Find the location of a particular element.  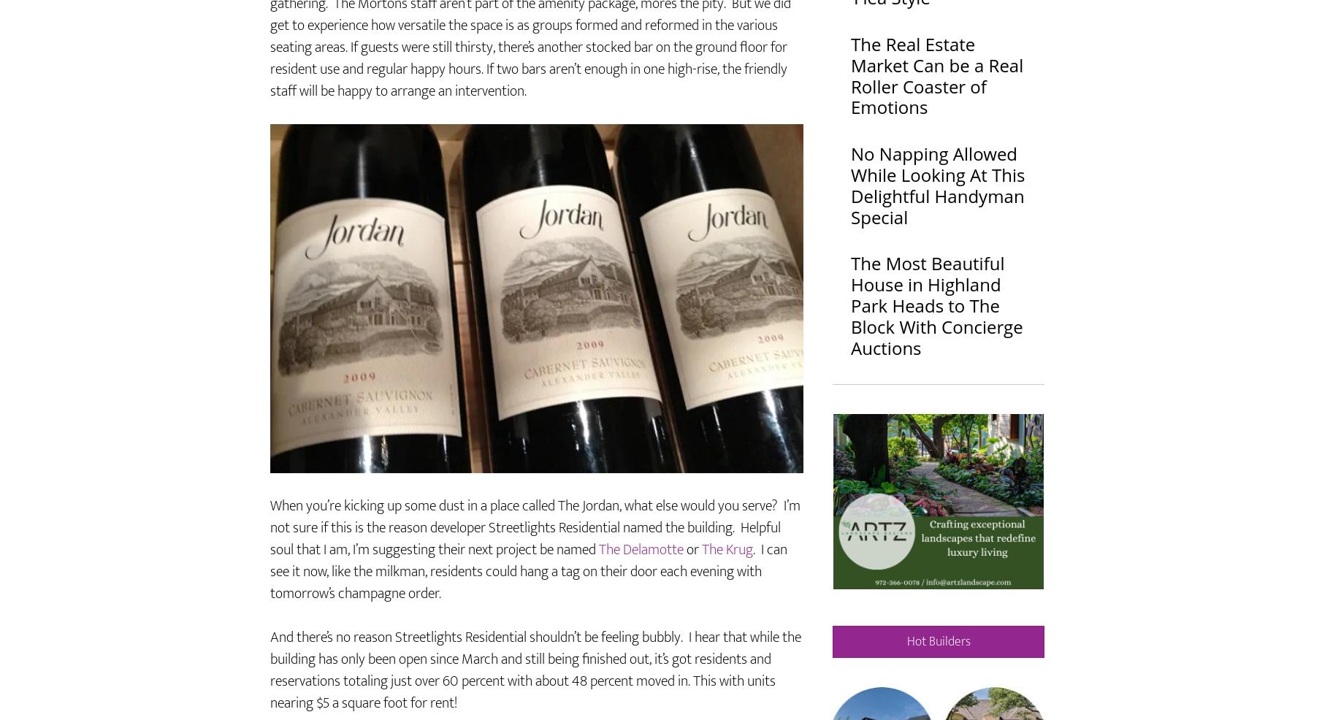

'The seventh floor resident lounge, complete with this serving bar, was the backdrop for our gathering.  The Morton’s staff aren’t part of the amenity package, more’s the pity.  But we did get to experience how versatile the space is as groups formed and reformed in the various seating areas. If guests were still thirsty, there’s another stocked bar on the ground floor for resident use and regular happy hours. If two bars aren’t enough in one high-rise, the friendly staff will be happy to arrange an intervention.' is located at coordinates (270, 78).